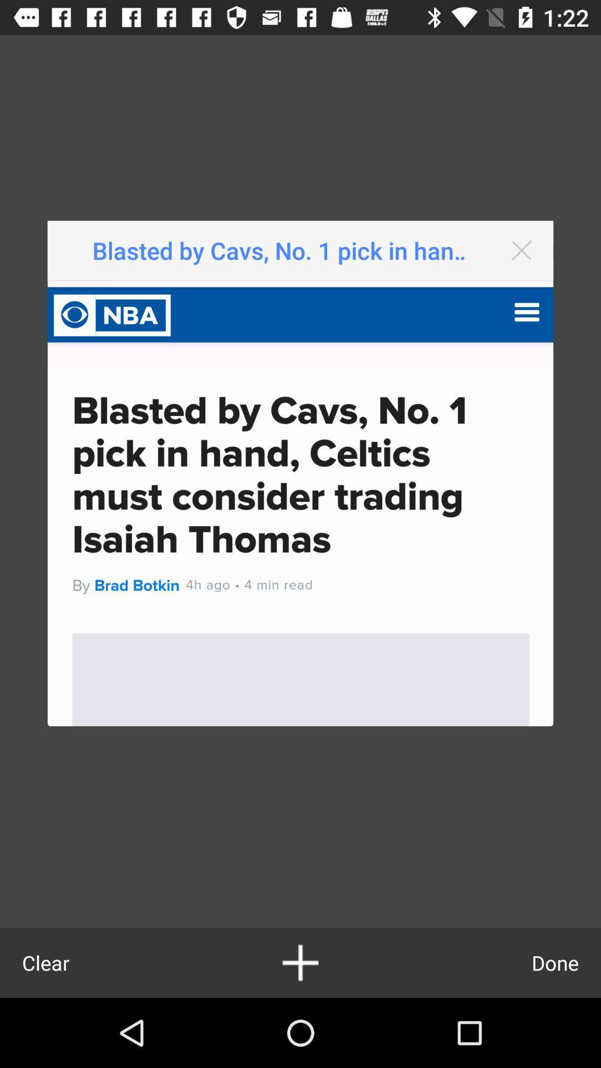  What do you see at coordinates (300, 962) in the screenshot?
I see `article` at bounding box center [300, 962].